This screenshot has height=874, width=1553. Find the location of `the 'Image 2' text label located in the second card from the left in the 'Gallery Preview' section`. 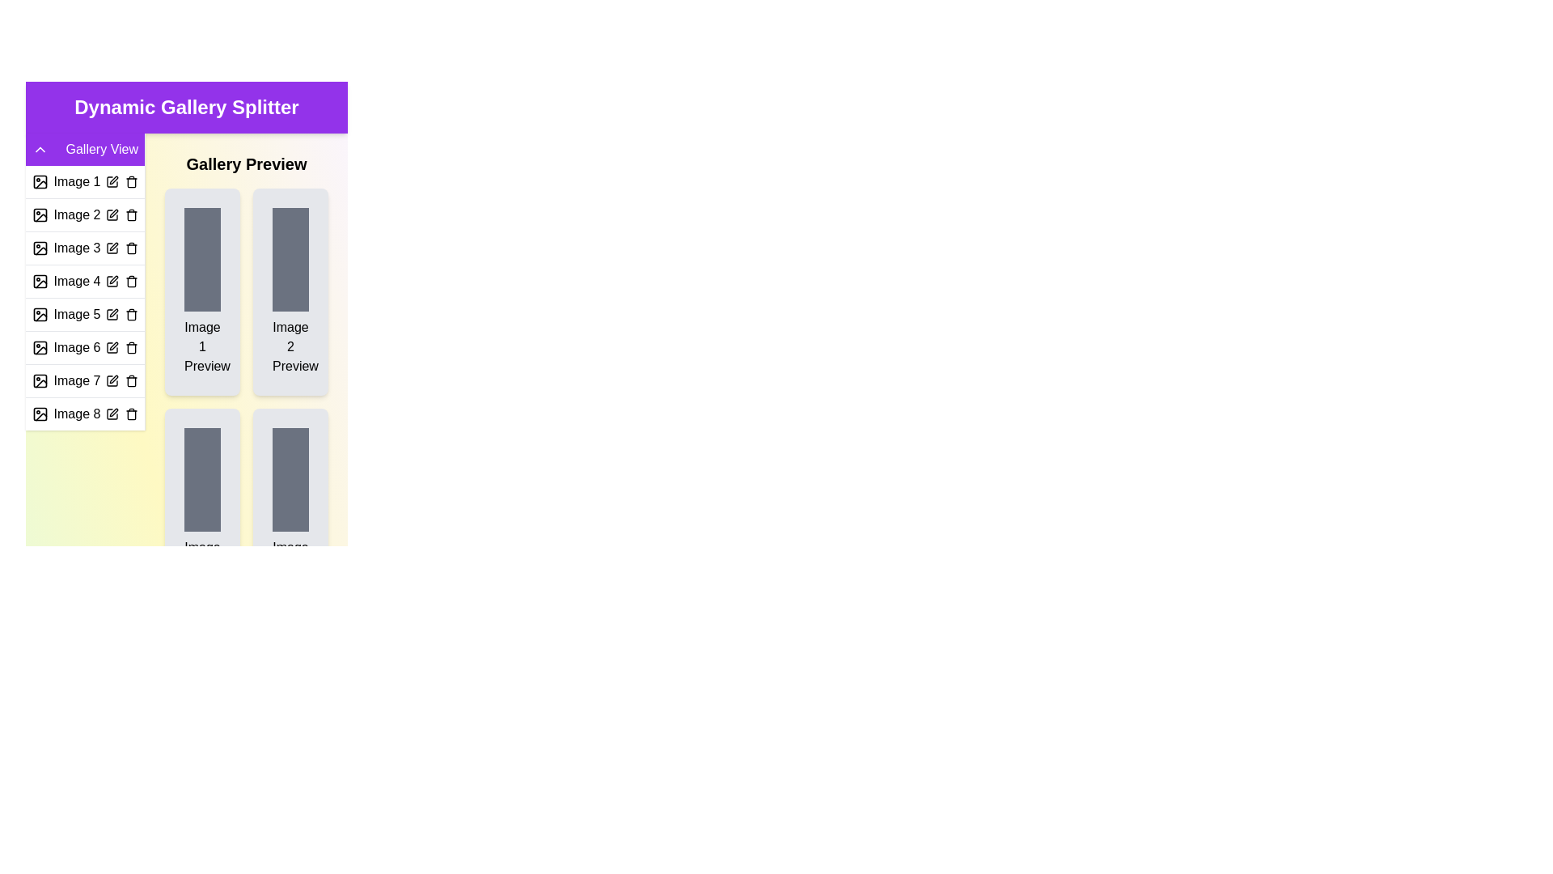

the 'Image 2' text label located in the second card from the left in the 'Gallery Preview' section is located at coordinates (290, 346).